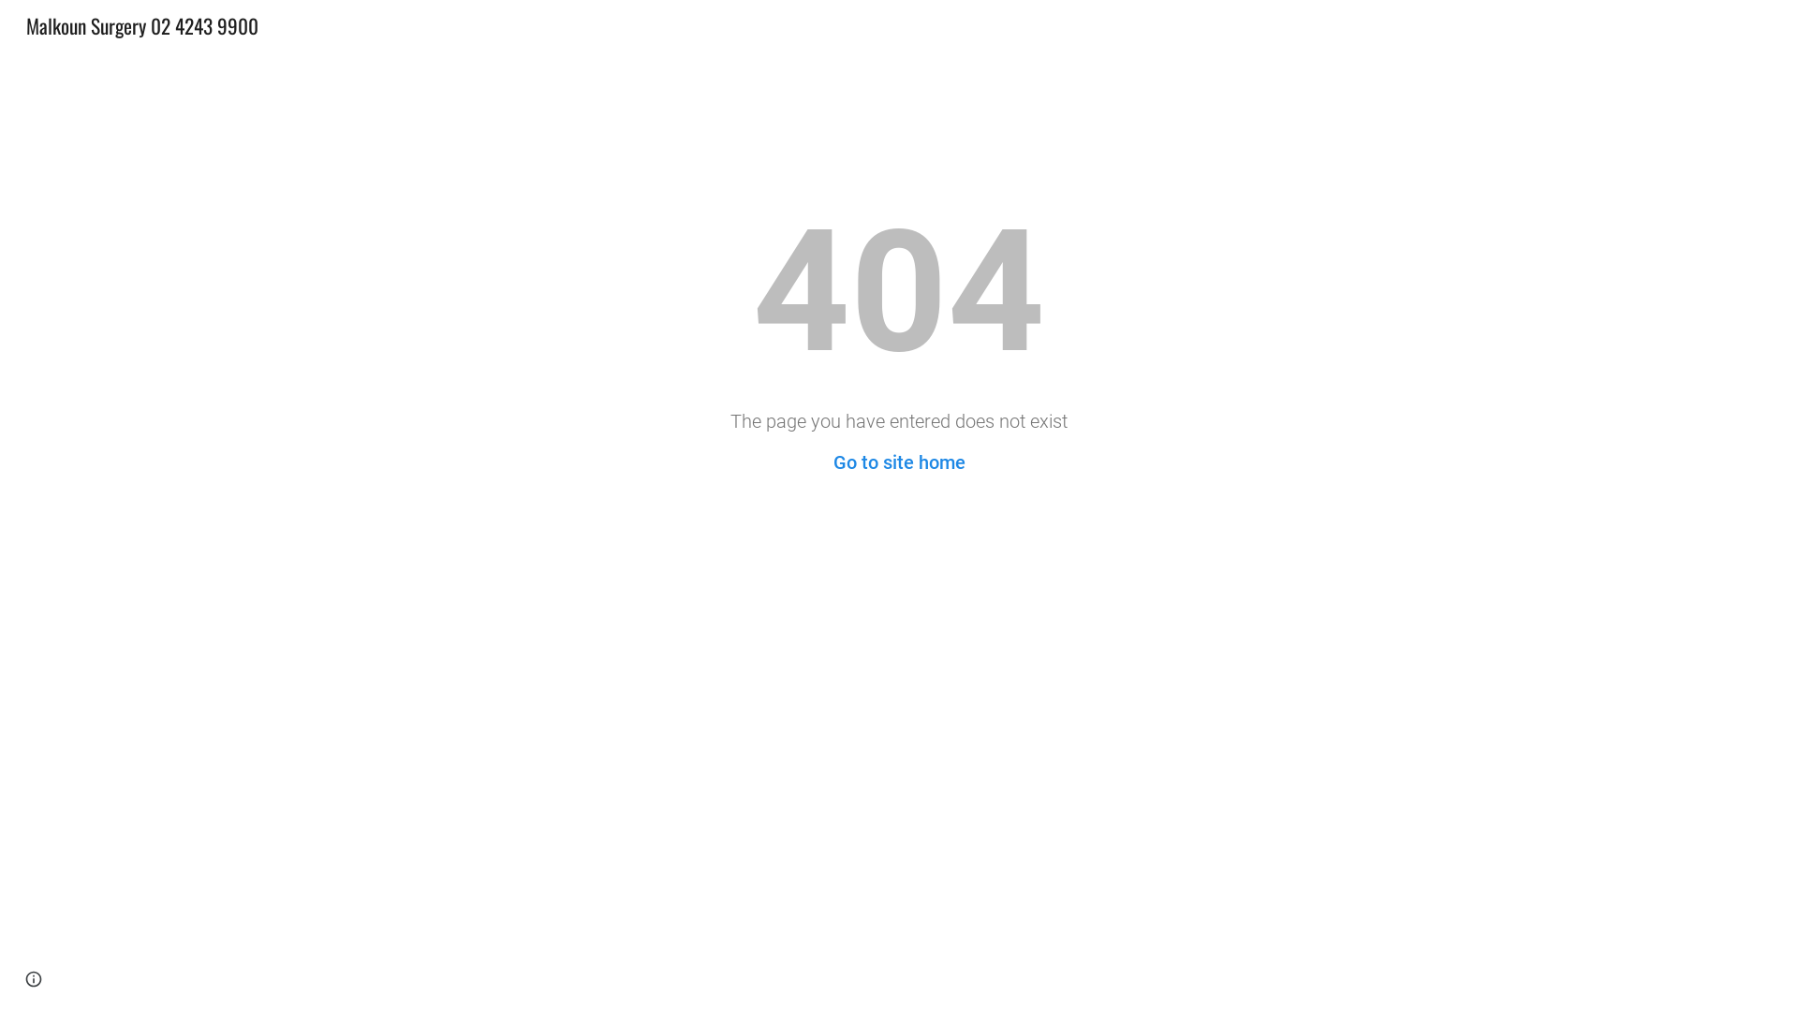 Image resolution: width=1798 pixels, height=1011 pixels. Describe the element at coordinates (899, 462) in the screenshot. I see `'Go to site home'` at that location.